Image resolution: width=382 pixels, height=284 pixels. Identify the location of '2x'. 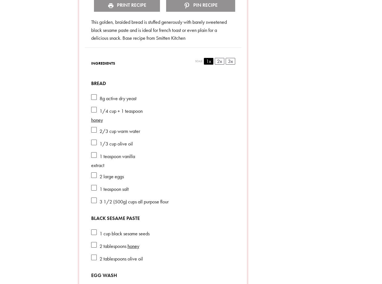
(219, 60).